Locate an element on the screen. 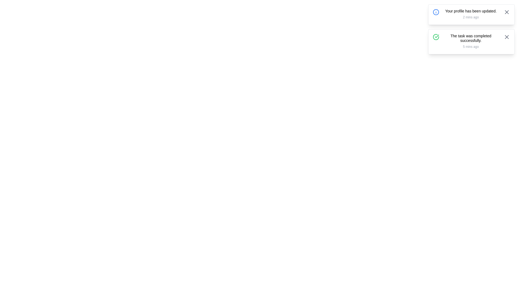 This screenshot has width=519, height=292. the notification element with info_notification is located at coordinates (471, 14).